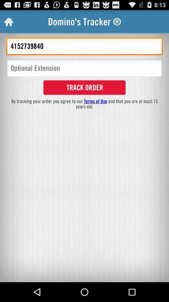 This screenshot has height=302, width=169. Describe the element at coordinates (84, 69) in the screenshot. I see `extension` at that location.